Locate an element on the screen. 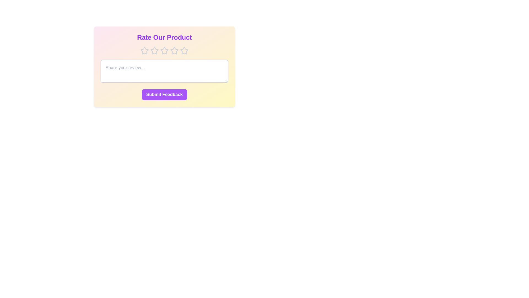 This screenshot has height=298, width=529. the star corresponding to 3 to preview the selection effect is located at coordinates (164, 51).